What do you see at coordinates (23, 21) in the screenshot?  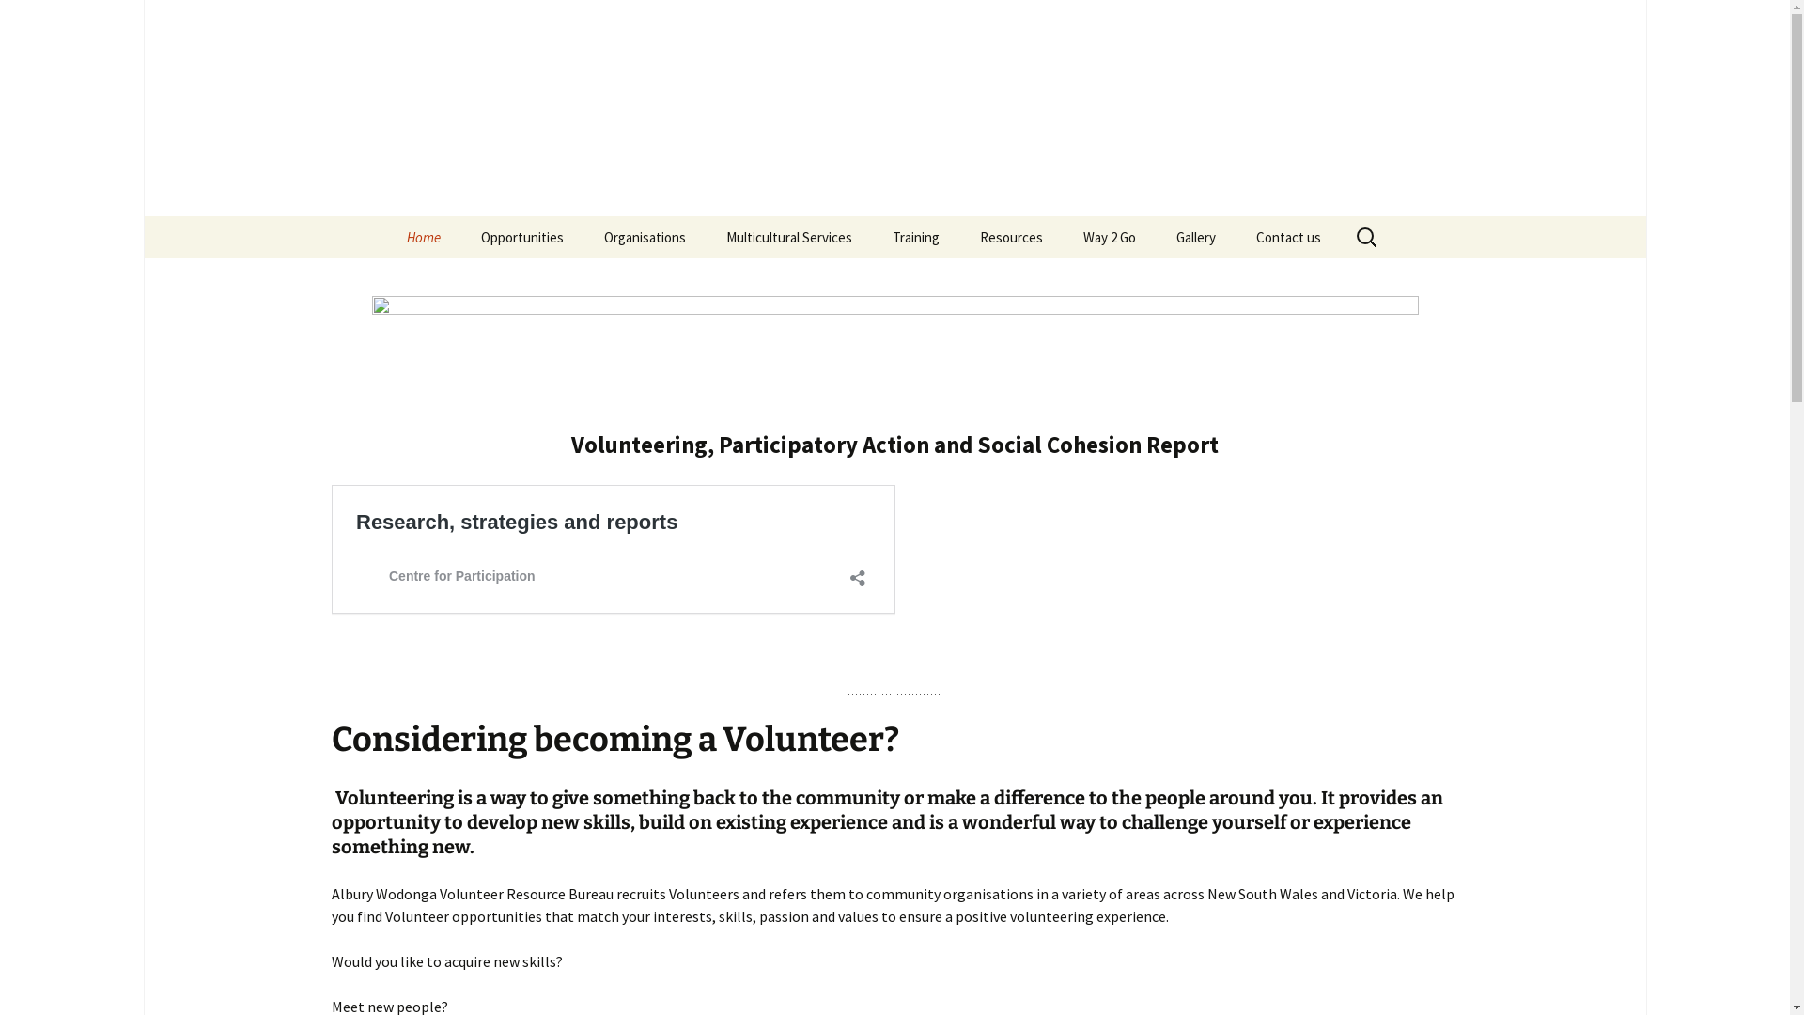 I see `'Search'` at bounding box center [23, 21].